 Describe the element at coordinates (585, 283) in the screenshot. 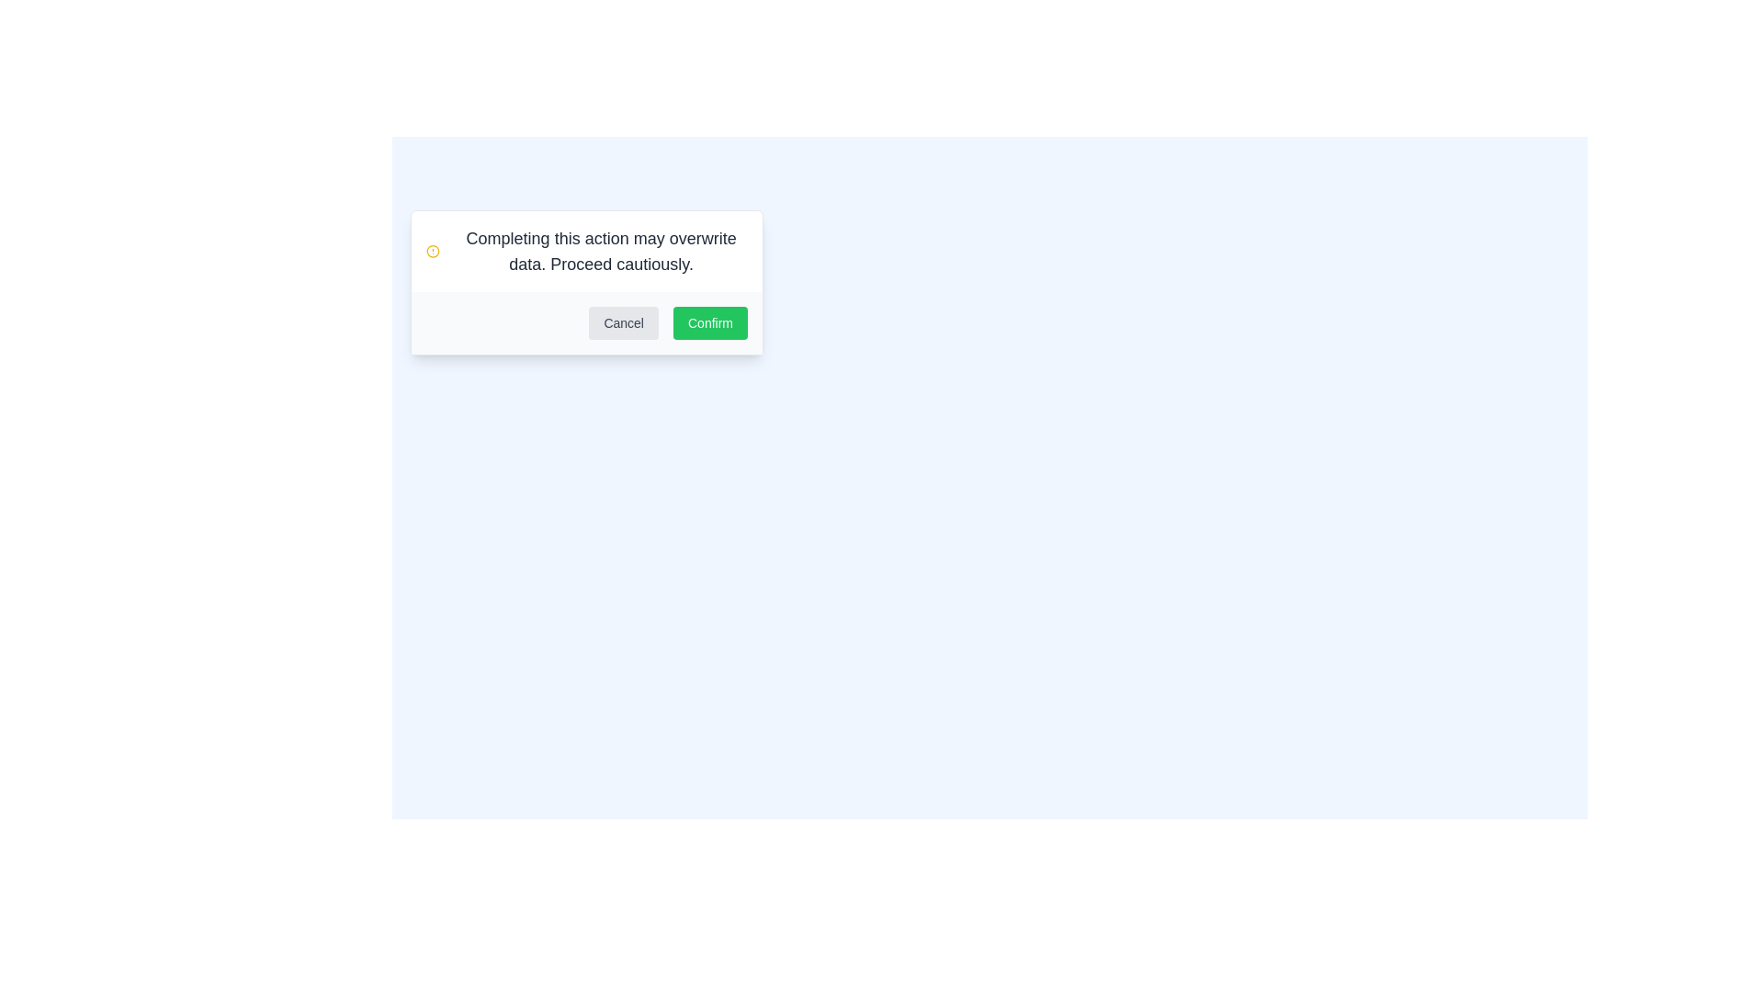

I see `the modal dialog box that displays a warning message with 'Cancel' and 'Confirm' buttons` at that location.